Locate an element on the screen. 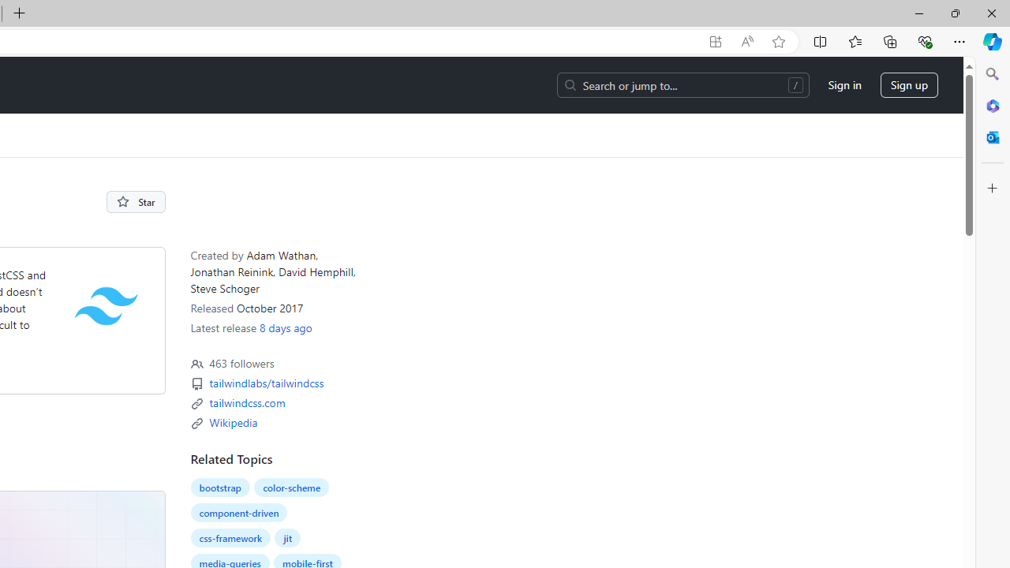 The height and width of the screenshot is (568, 1010). 'component-driven' is located at coordinates (238, 512).